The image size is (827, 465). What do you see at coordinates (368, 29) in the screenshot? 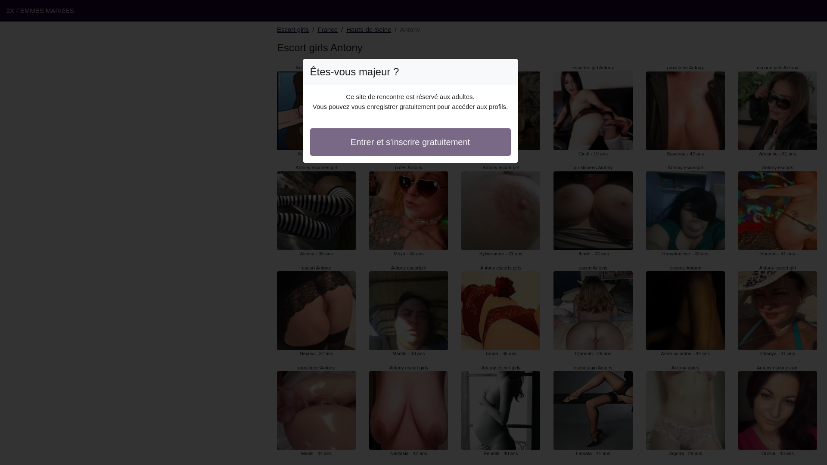
I see `'Hauts-de-Seine'` at bounding box center [368, 29].